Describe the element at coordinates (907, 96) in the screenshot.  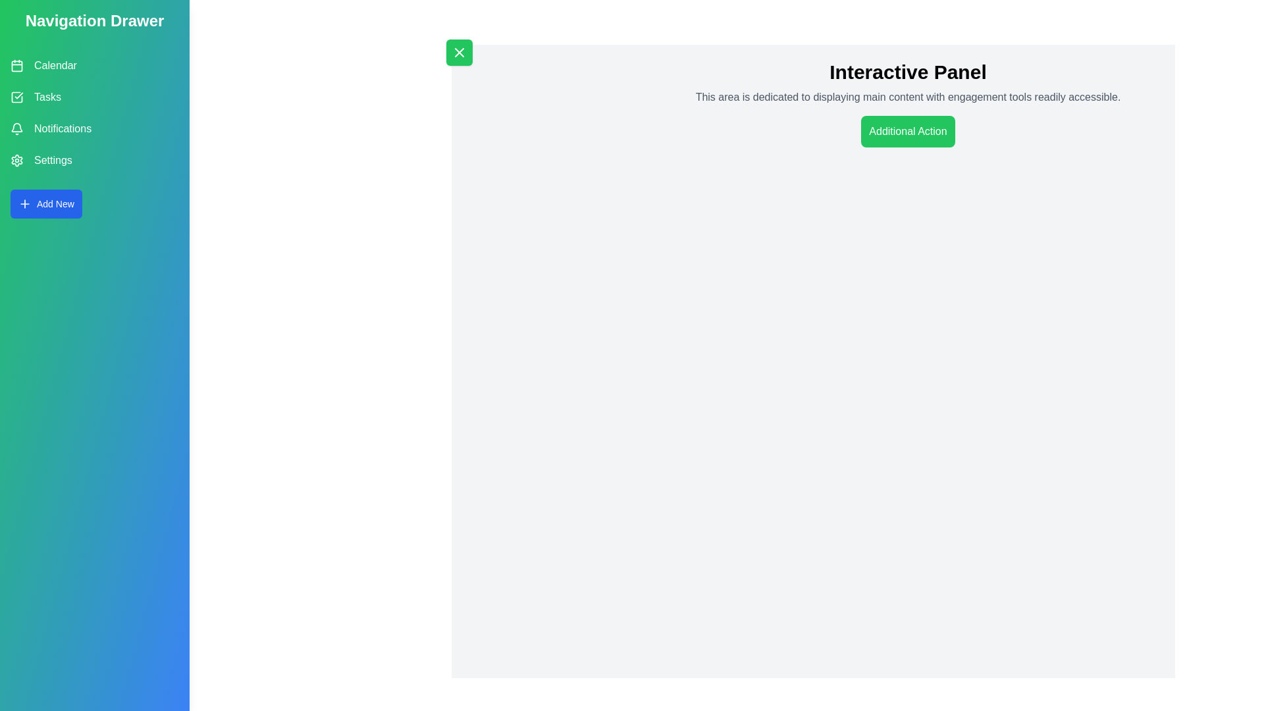
I see `the Text Label that provides descriptive information about the purpose or functionality of the section, positioned between the headline 'Interactive Panel' and the green button 'Additional Action'` at that location.